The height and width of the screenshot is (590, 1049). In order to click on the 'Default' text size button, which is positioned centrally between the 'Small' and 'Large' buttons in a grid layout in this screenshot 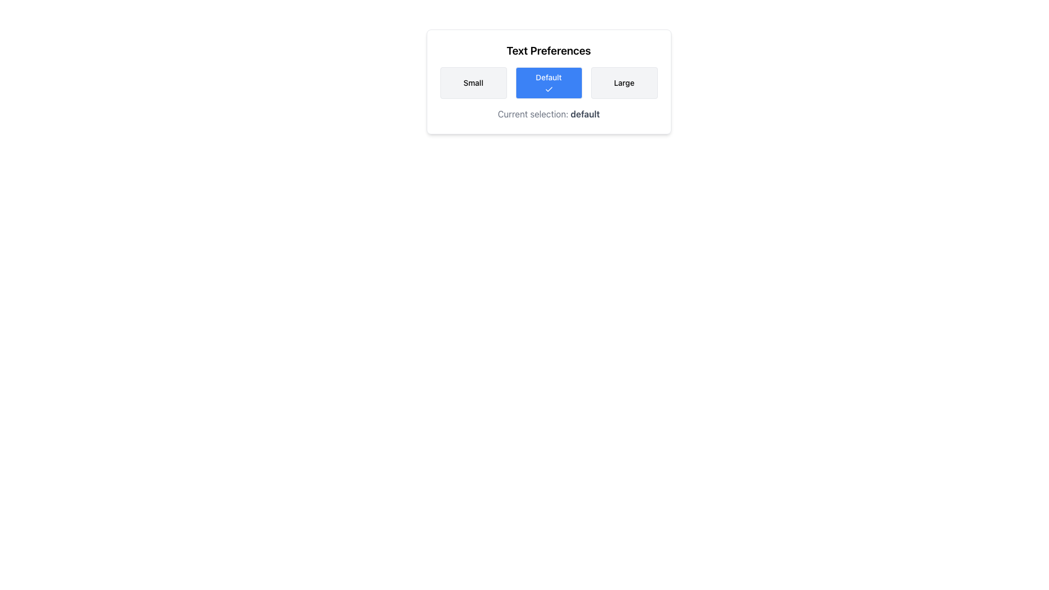, I will do `click(549, 82)`.